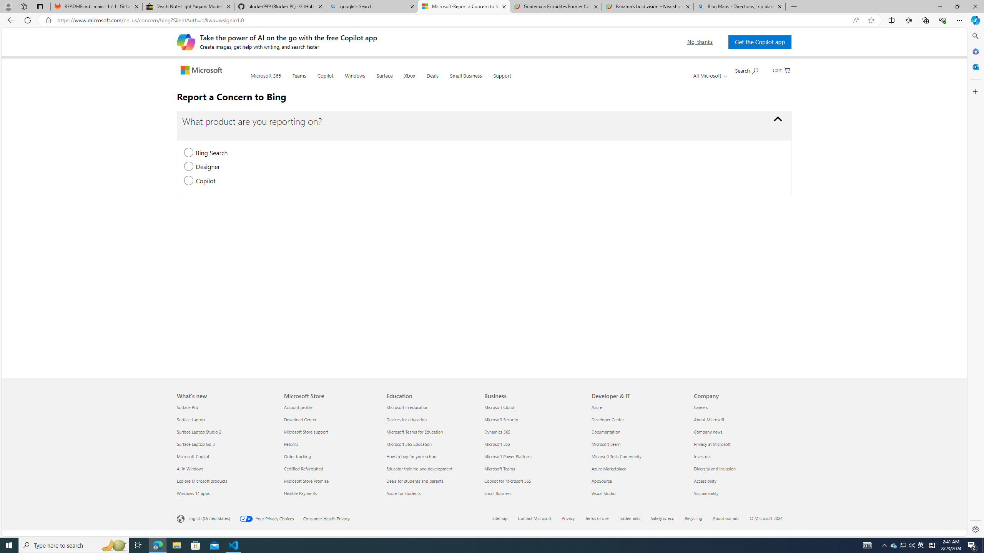  I want to click on 'Explore Microsoft products What', so click(202, 481).